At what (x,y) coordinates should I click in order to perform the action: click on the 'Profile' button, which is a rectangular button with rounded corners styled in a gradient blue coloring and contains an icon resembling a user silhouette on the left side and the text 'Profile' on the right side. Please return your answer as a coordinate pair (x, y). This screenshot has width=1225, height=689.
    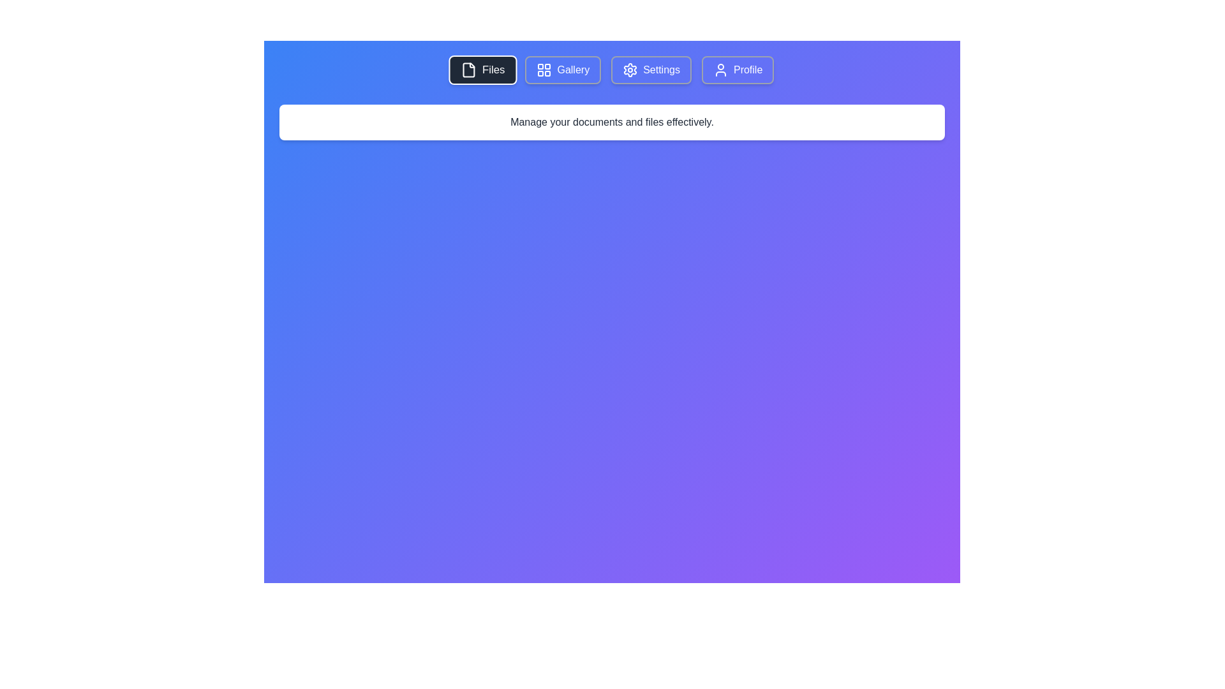
    Looking at the image, I should click on (738, 70).